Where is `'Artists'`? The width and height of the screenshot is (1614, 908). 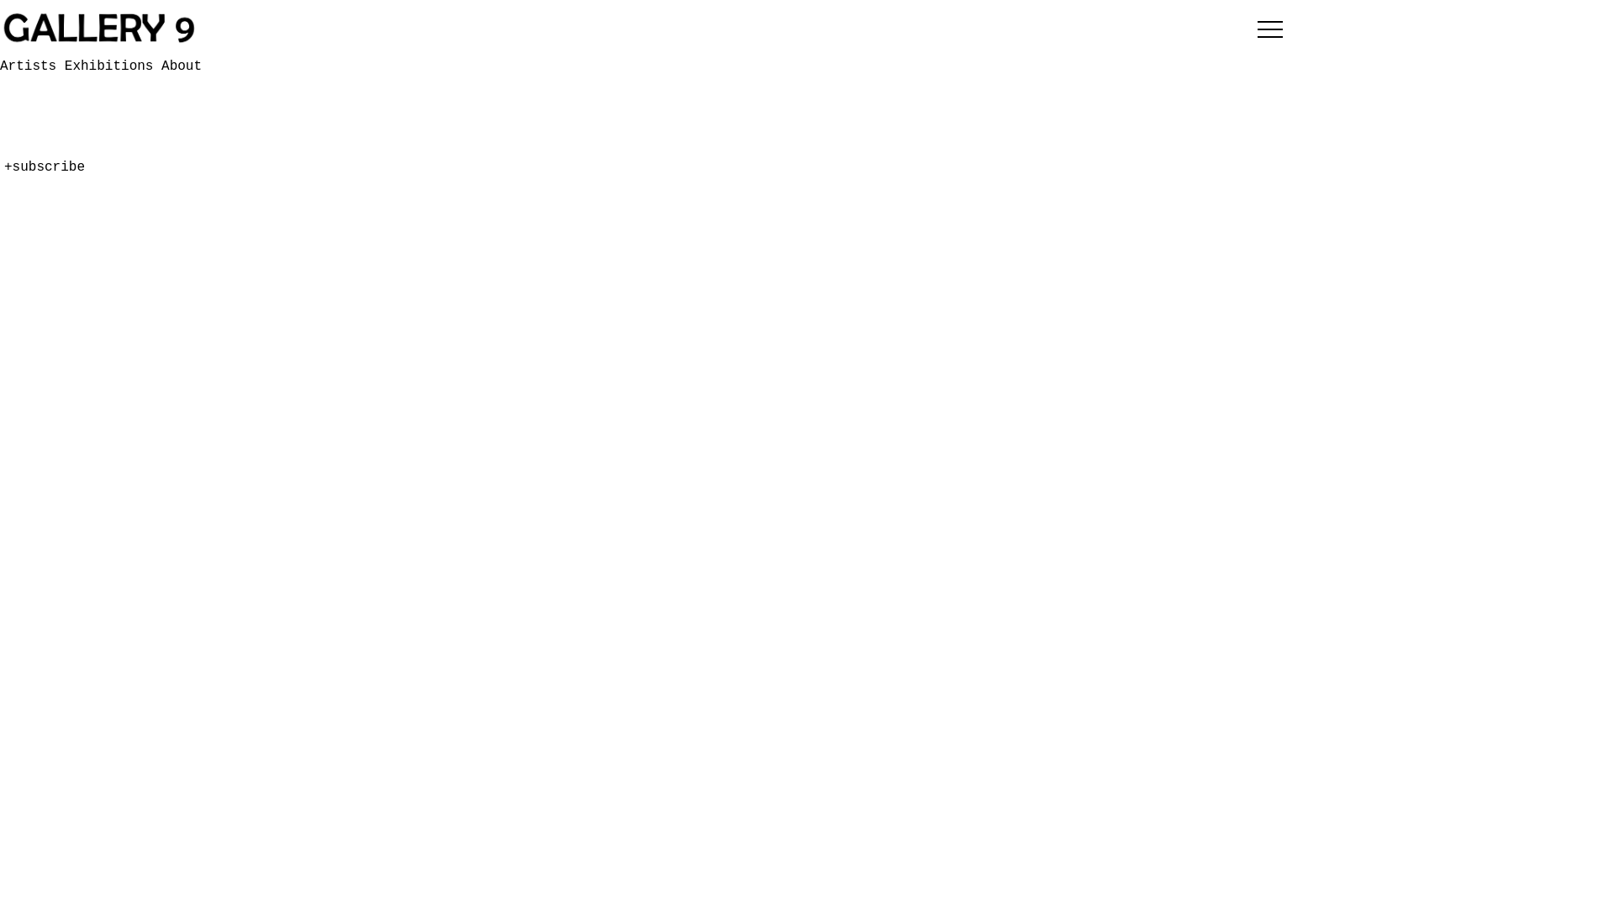
'Artists' is located at coordinates (32, 65).